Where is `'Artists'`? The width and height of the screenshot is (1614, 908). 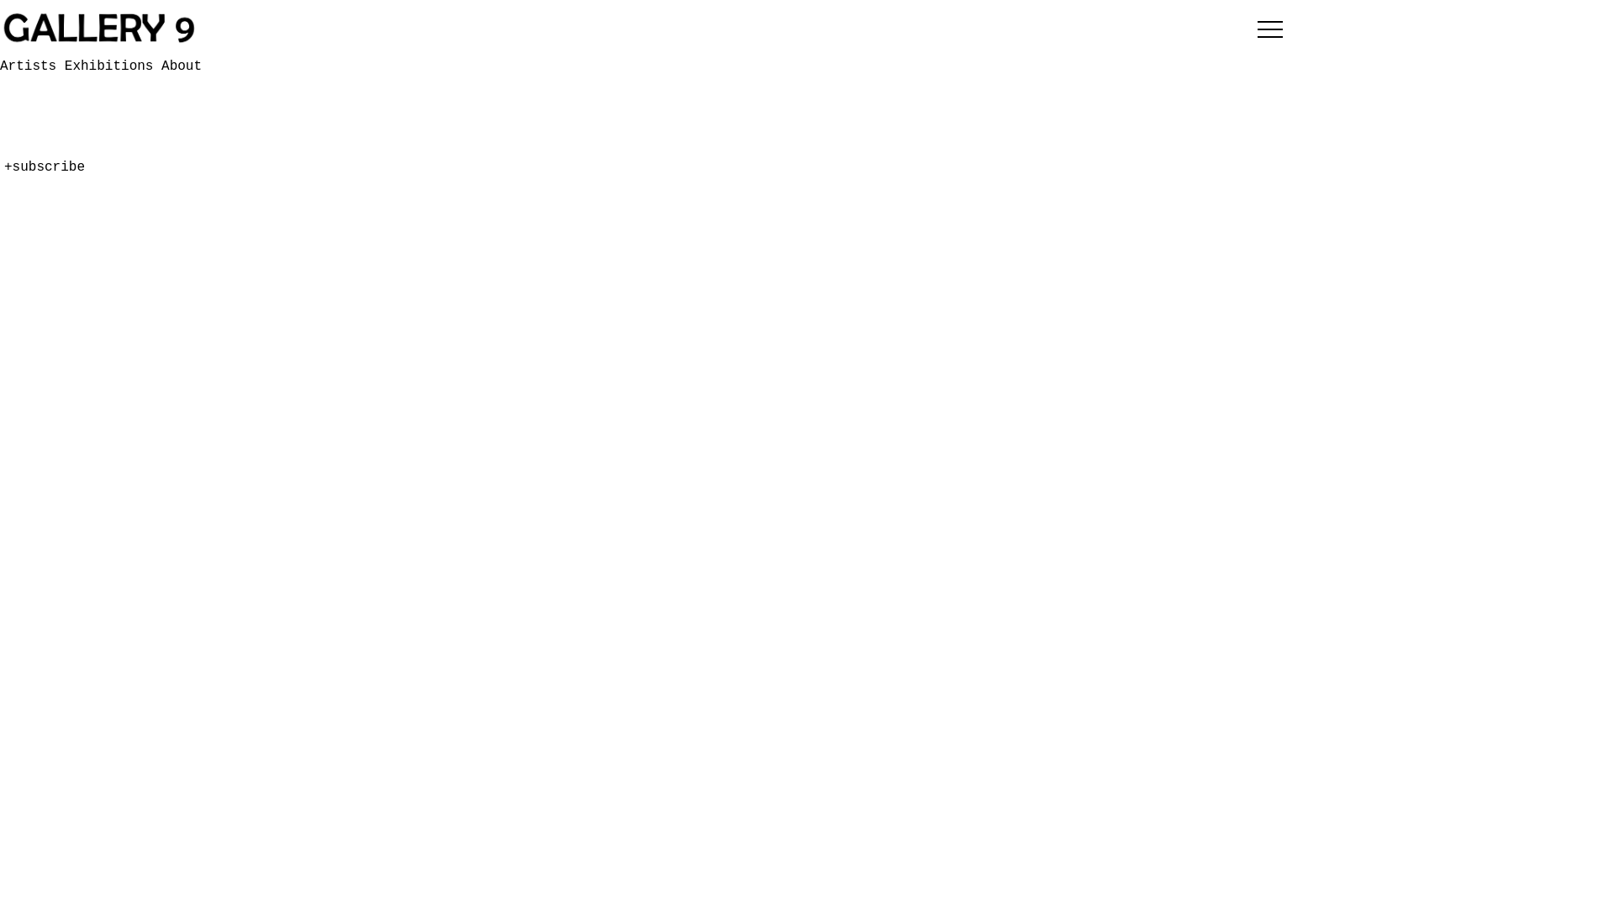
'Artists' is located at coordinates (32, 65).